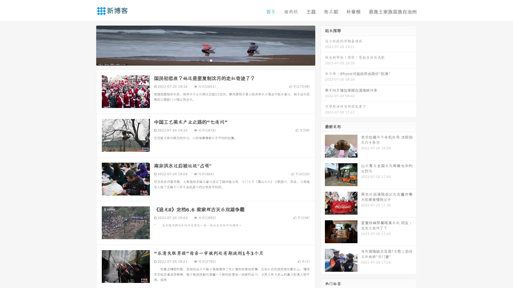 This screenshot has height=288, width=513. What do you see at coordinates (211, 60) in the screenshot?
I see `Go to slide 3` at bounding box center [211, 60].